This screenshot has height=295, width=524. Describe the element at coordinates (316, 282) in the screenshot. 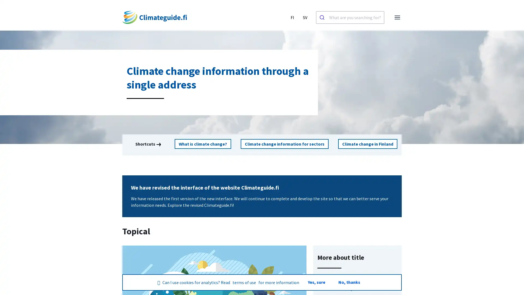

I see `Yes, sure` at that location.